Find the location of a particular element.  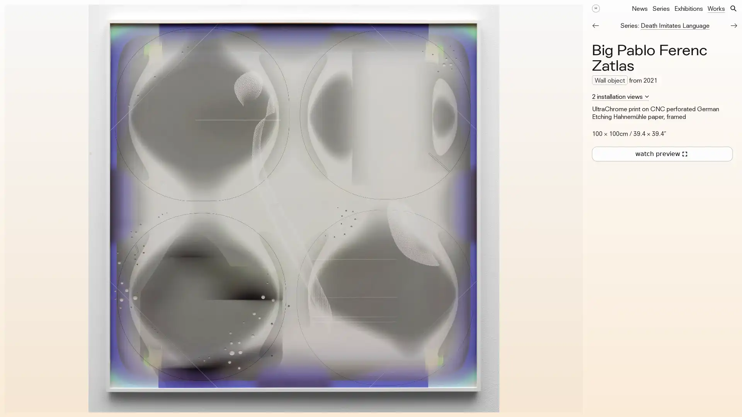

watch preview is located at coordinates (662, 154).